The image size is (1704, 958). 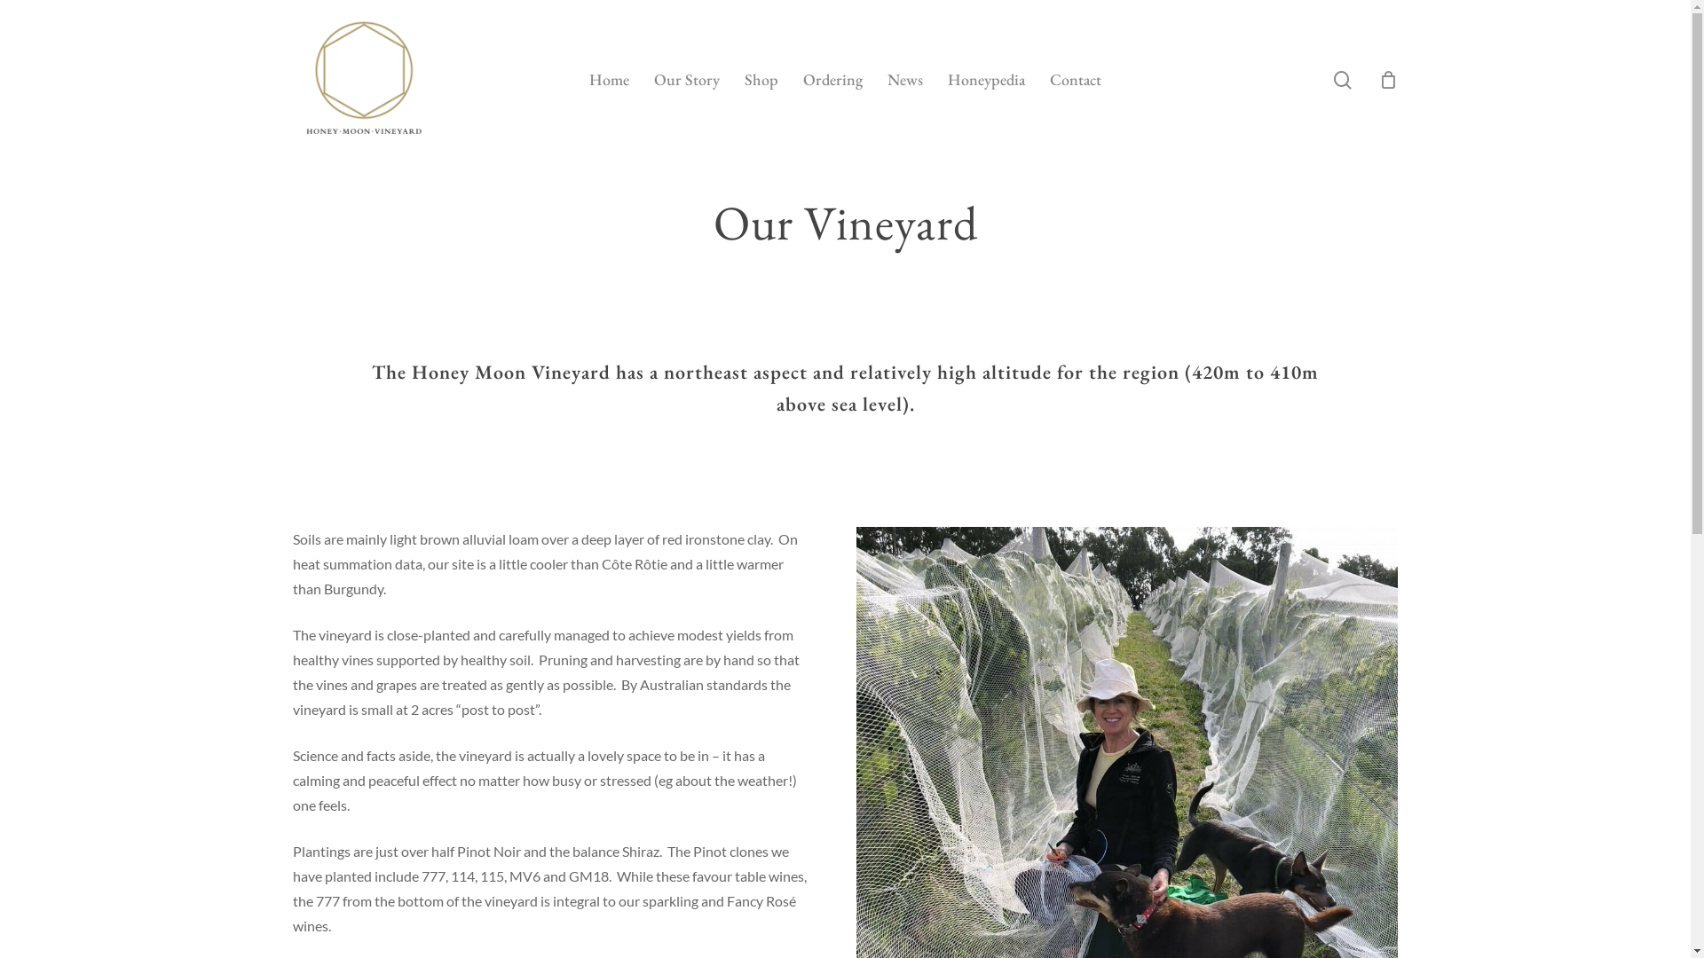 What do you see at coordinates (588, 78) in the screenshot?
I see `'Home'` at bounding box center [588, 78].